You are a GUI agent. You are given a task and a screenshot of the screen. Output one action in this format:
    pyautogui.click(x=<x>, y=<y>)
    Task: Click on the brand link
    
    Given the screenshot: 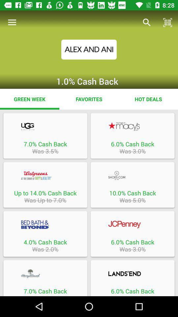 What is the action you would take?
    pyautogui.click(x=133, y=273)
    